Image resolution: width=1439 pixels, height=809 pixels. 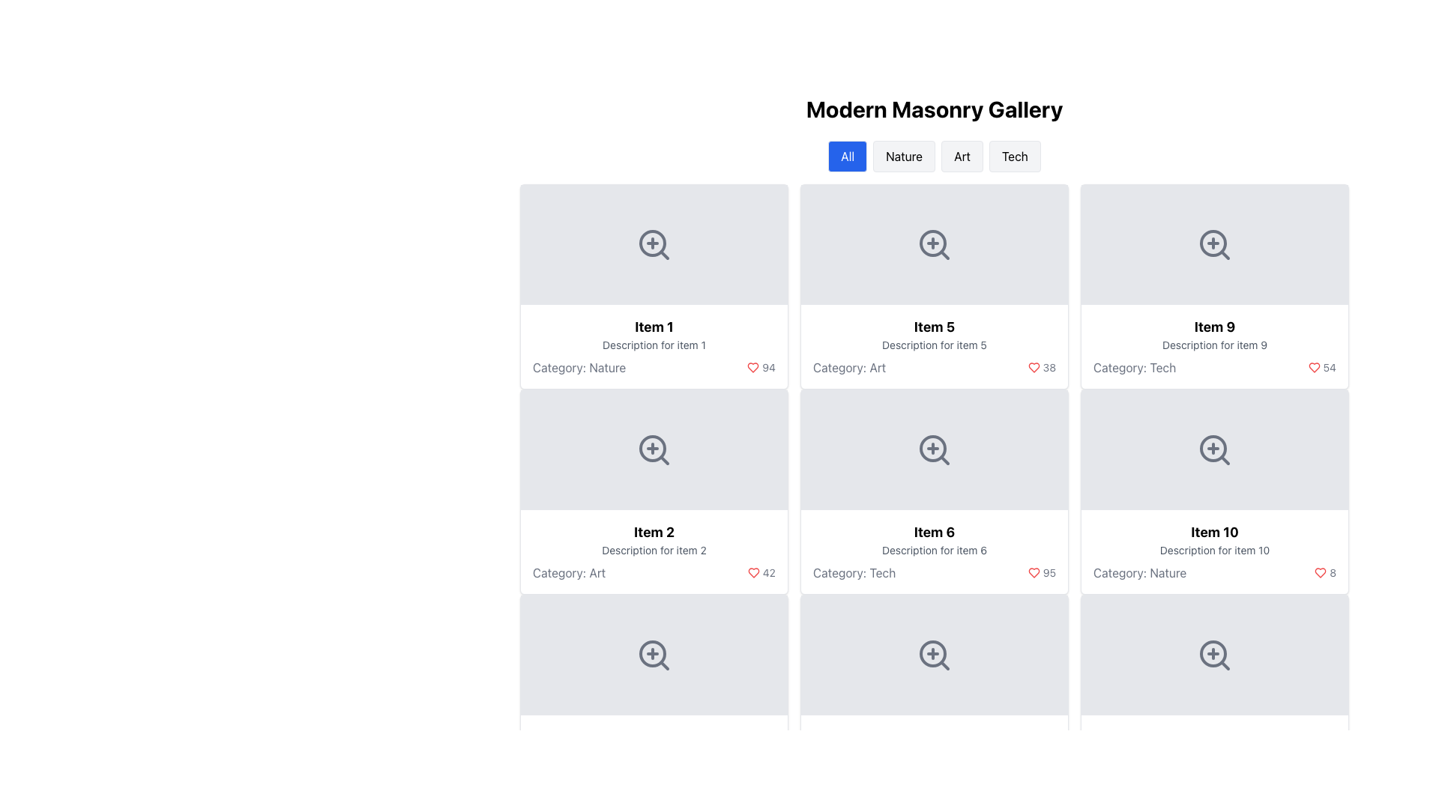 I want to click on the outlined heart icon filled with red color representing the 'like' feature, located next to the count '38' in the card labeled 'Item 5', so click(x=1033, y=367).